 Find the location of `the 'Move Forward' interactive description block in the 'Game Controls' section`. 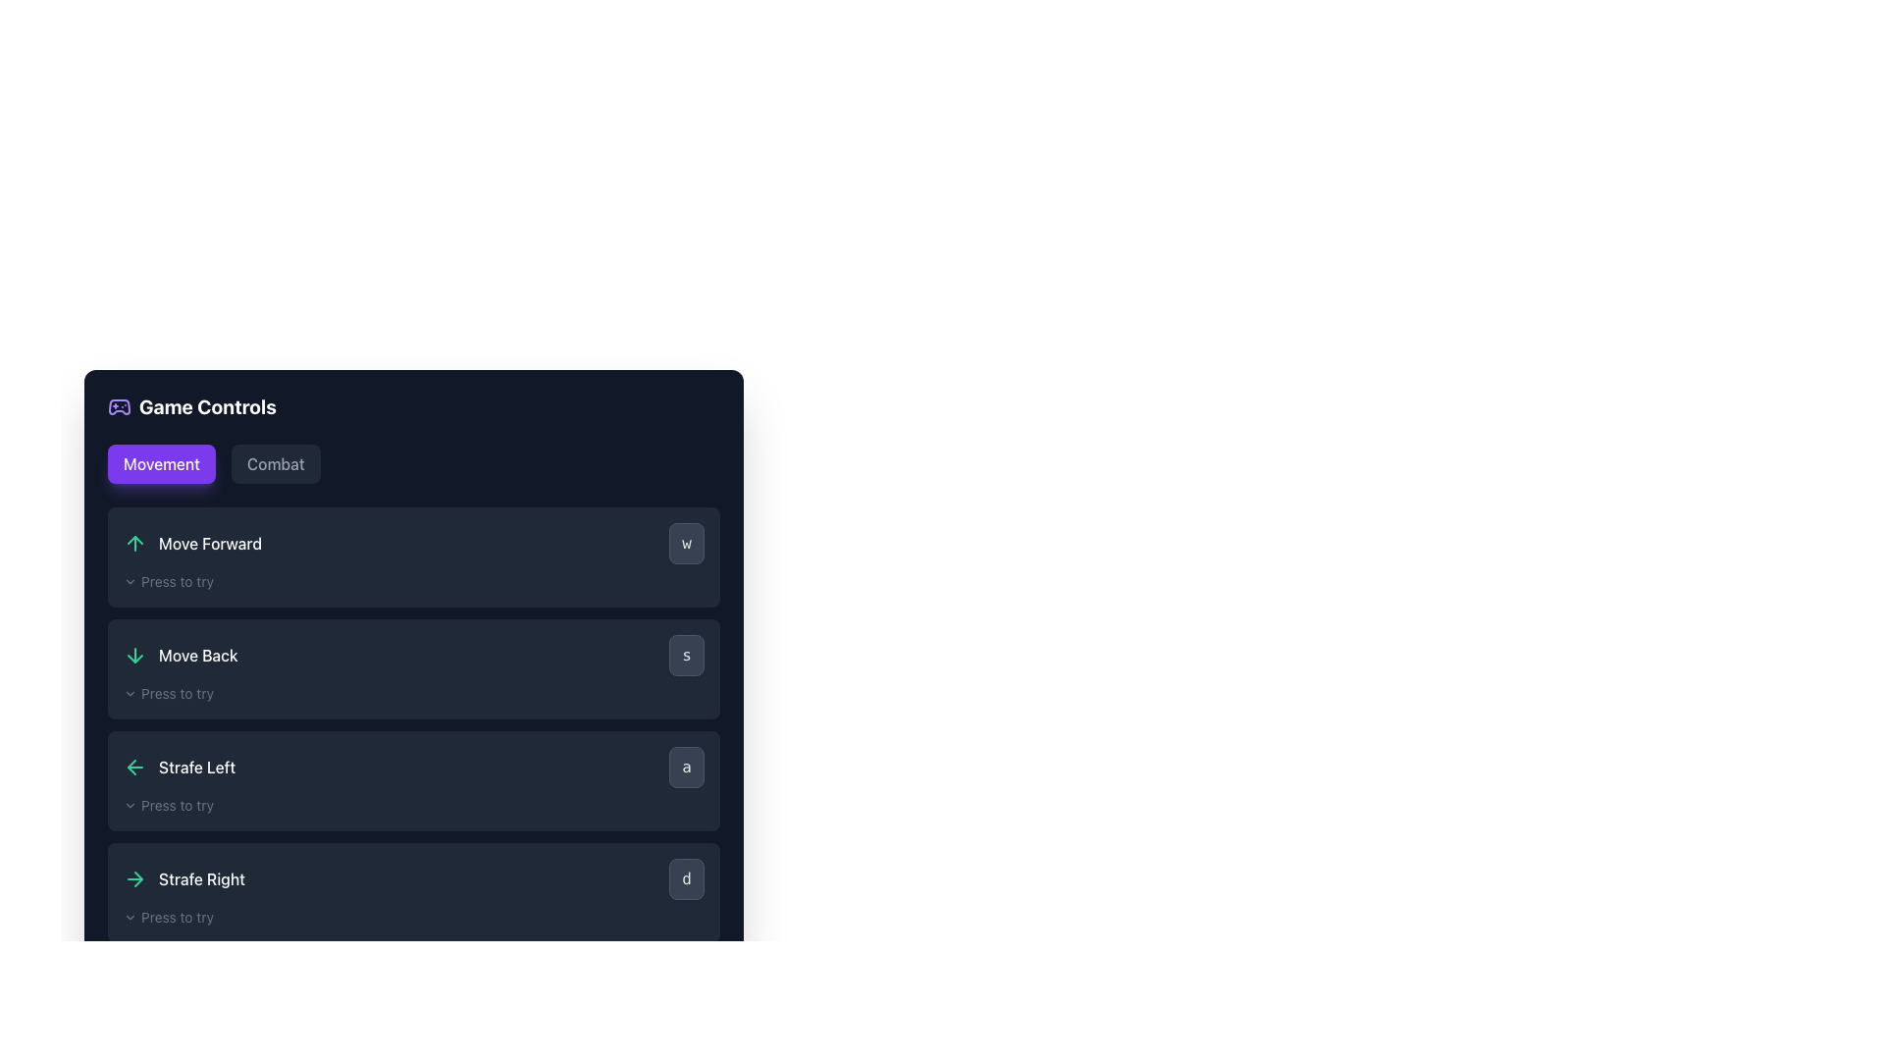

the 'Move Forward' interactive description block in the 'Game Controls' section is located at coordinates (413, 556).